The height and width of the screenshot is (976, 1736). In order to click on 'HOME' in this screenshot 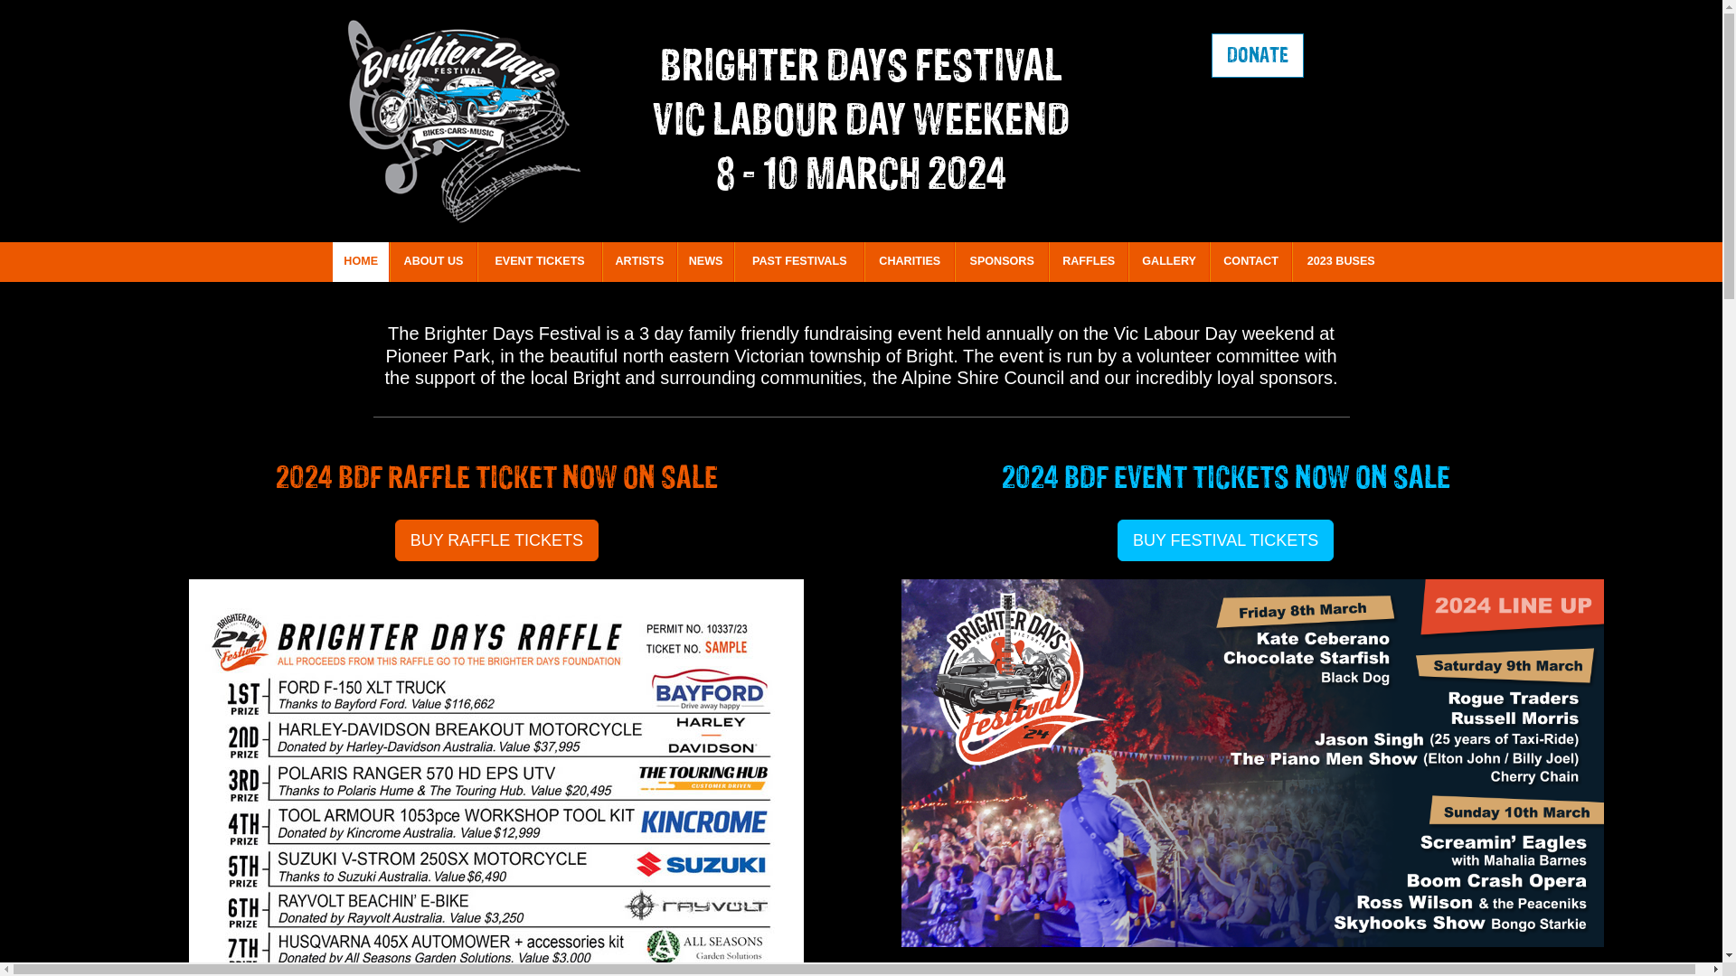, I will do `click(333, 261)`.